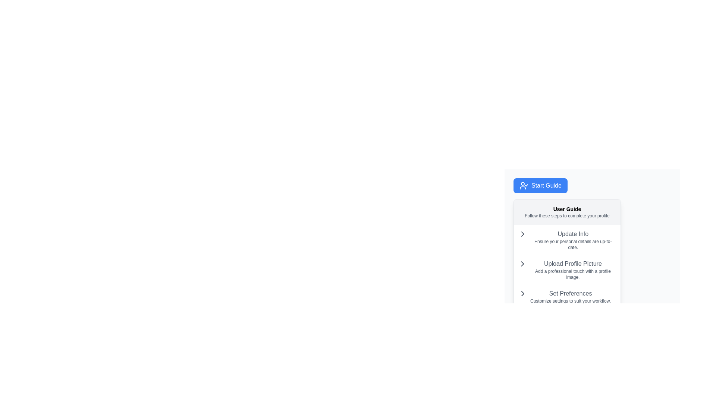 This screenshot has height=402, width=716. Describe the element at coordinates (592, 232) in the screenshot. I see `the Instruction Modal located in the top-right section of the interface, which provides step-by-step instructions for profile setup` at that location.